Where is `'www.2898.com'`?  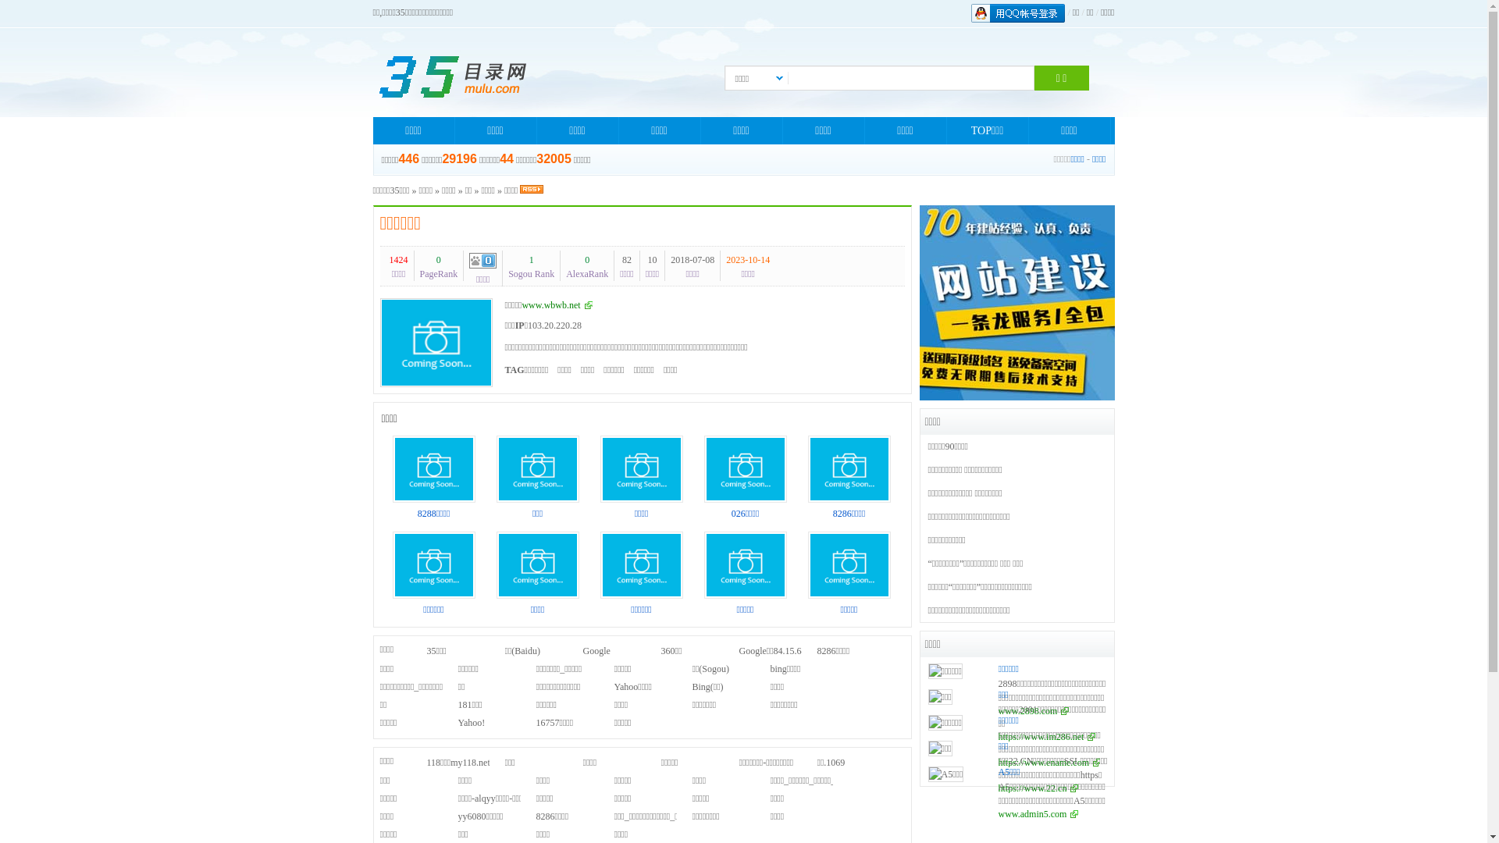 'www.2898.com' is located at coordinates (1033, 710).